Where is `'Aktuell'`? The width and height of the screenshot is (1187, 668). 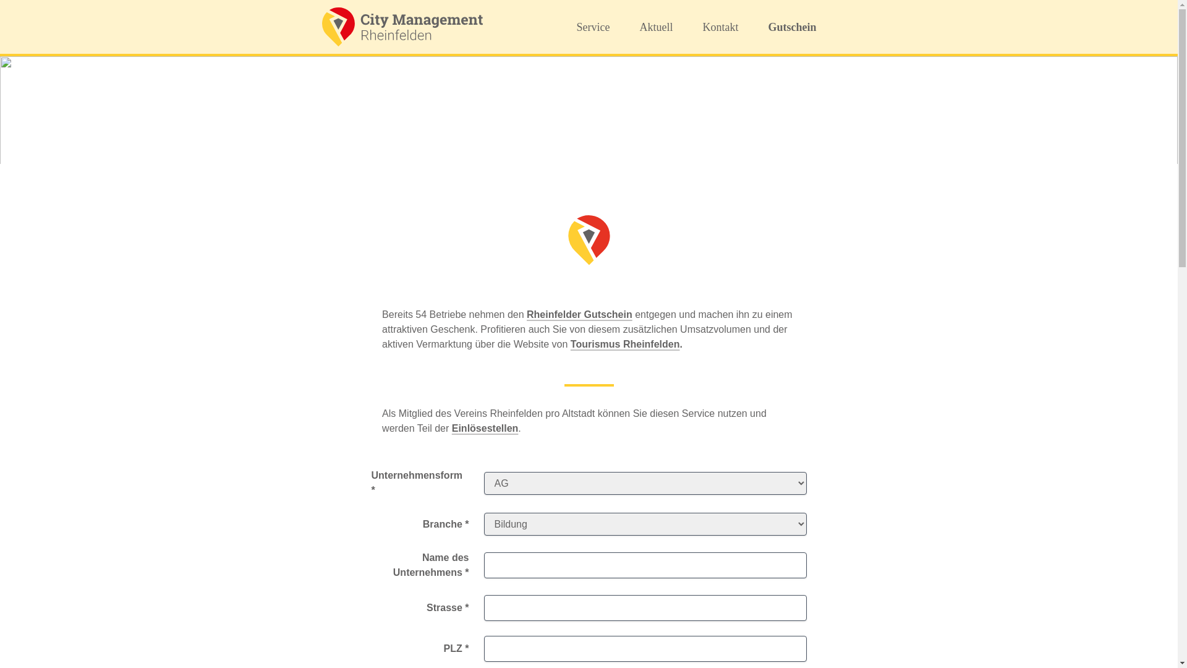 'Aktuell' is located at coordinates (655, 27).